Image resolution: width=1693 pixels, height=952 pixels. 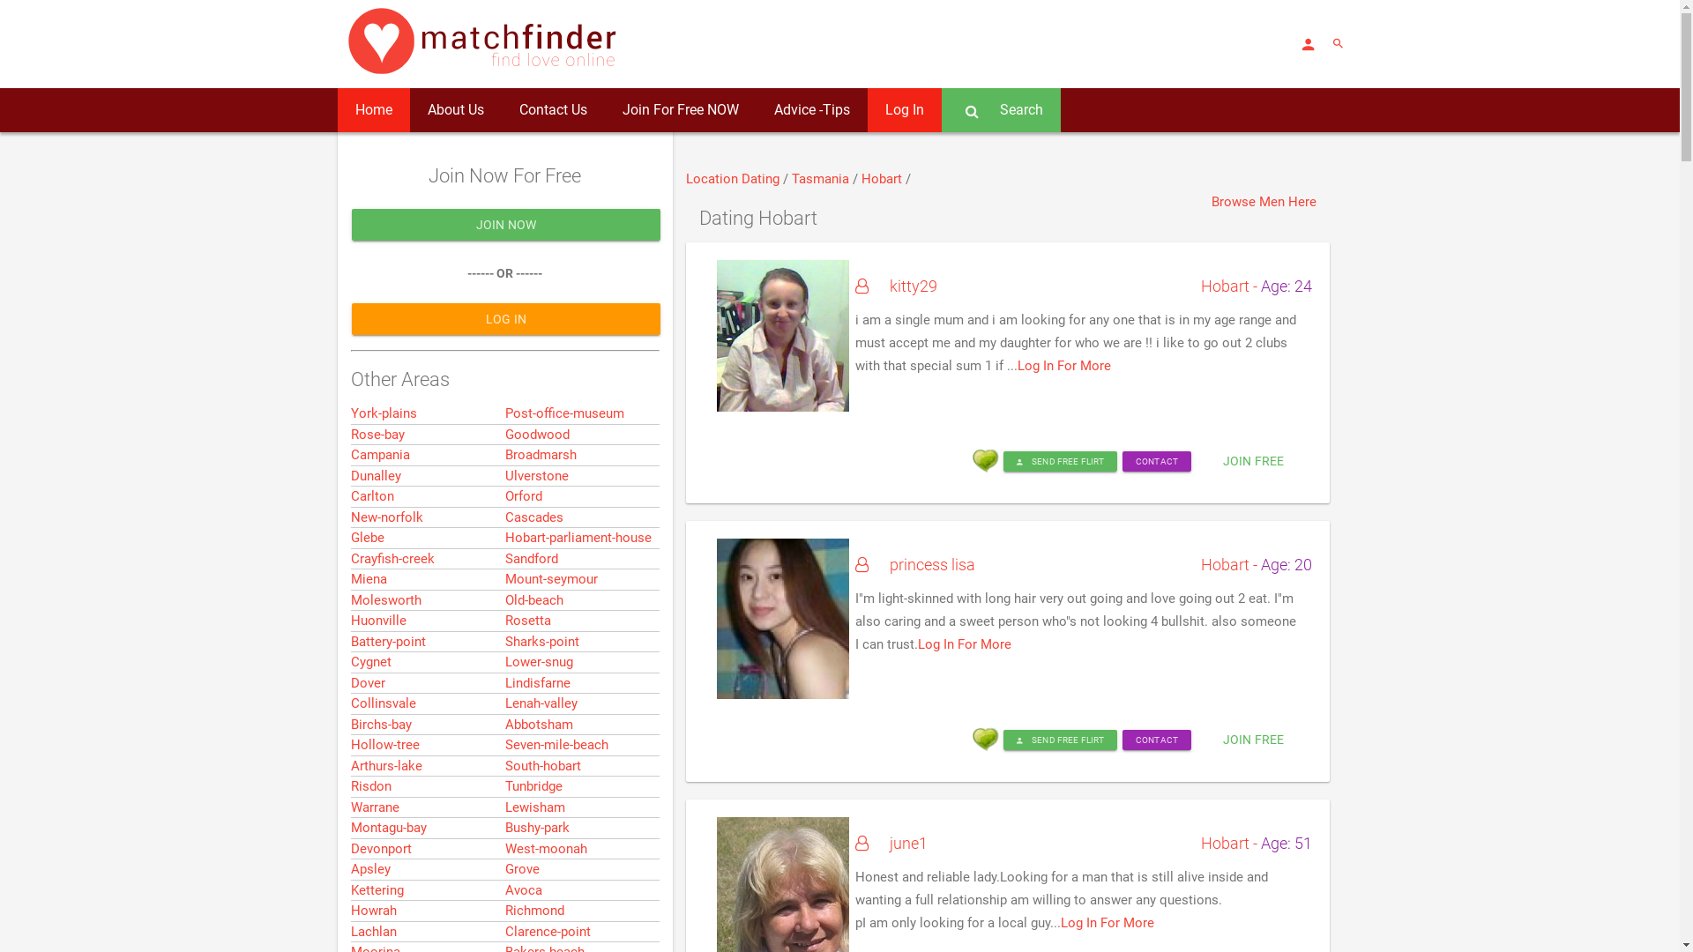 What do you see at coordinates (351, 744) in the screenshot?
I see `'Hollow-tree'` at bounding box center [351, 744].